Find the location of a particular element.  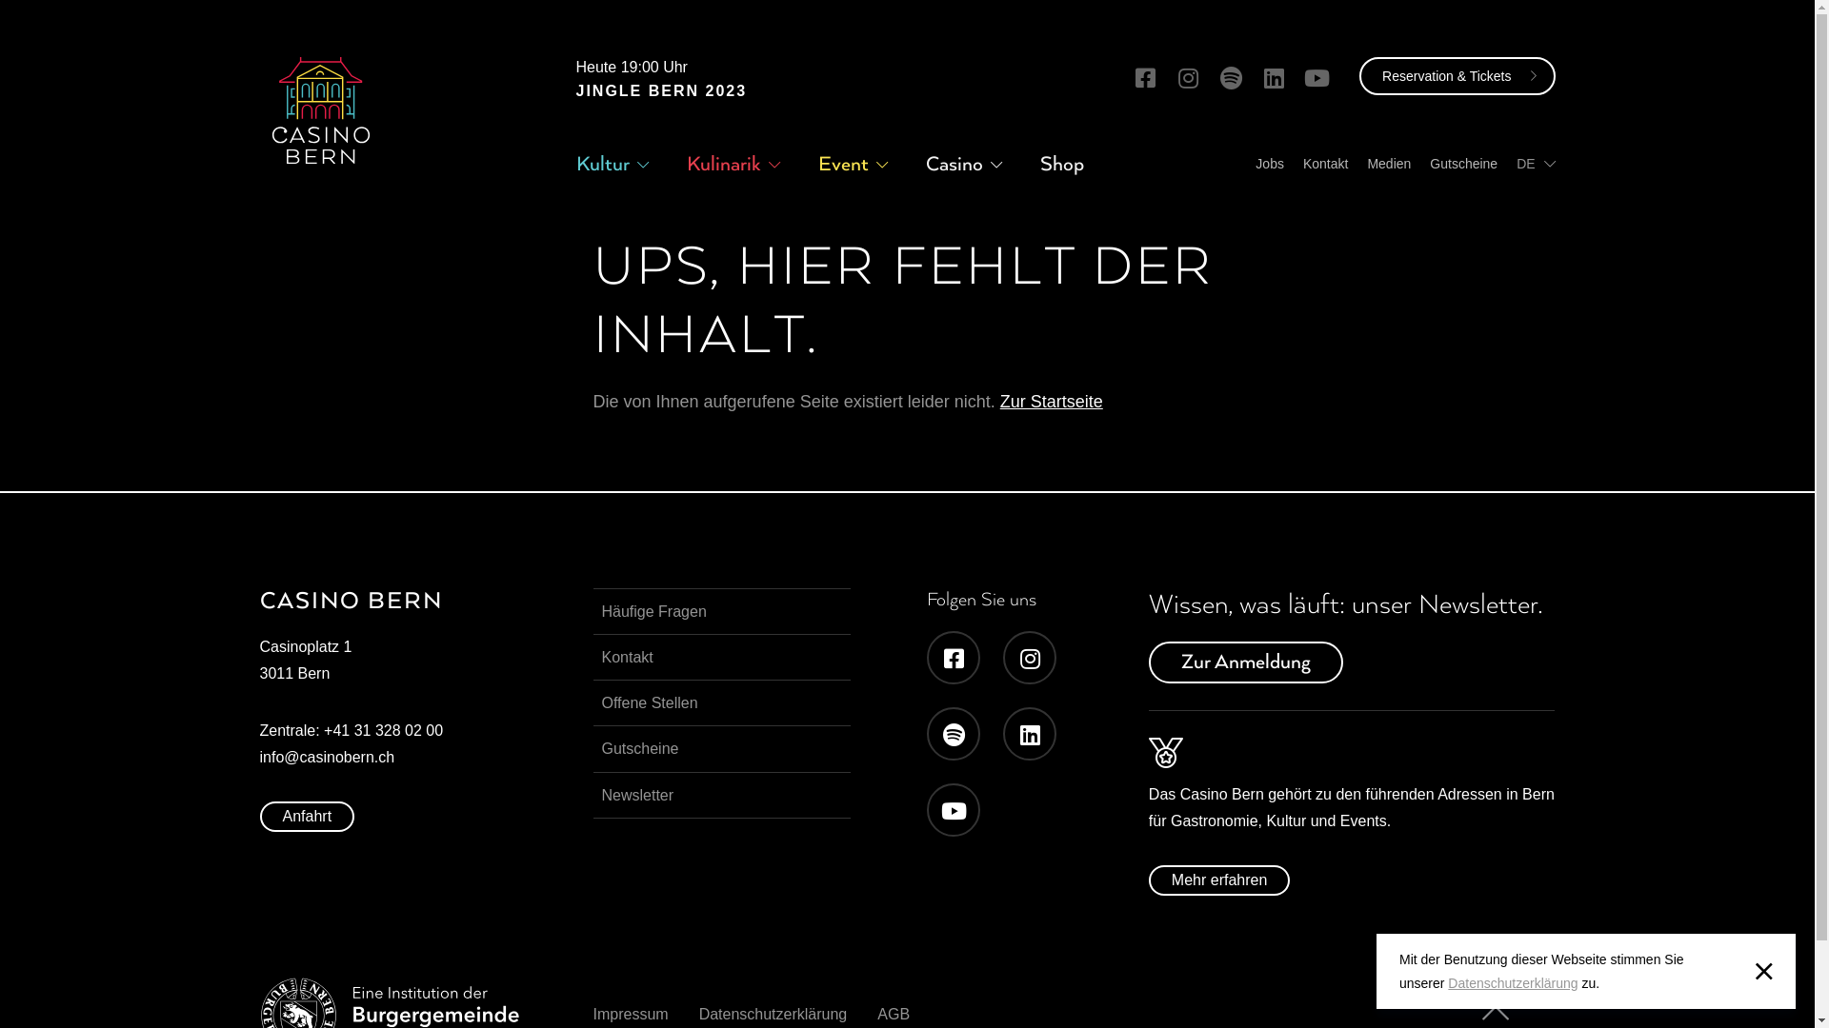

'Shop' is located at coordinates (1060, 163).